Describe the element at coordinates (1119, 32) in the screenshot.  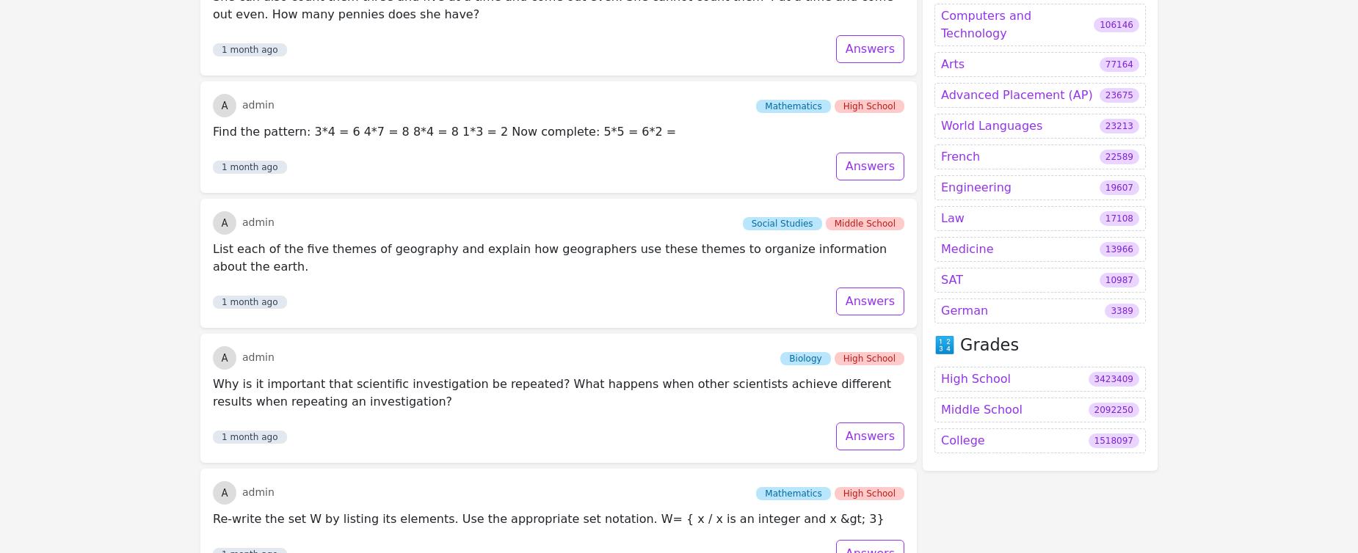
I see `'19607'` at that location.